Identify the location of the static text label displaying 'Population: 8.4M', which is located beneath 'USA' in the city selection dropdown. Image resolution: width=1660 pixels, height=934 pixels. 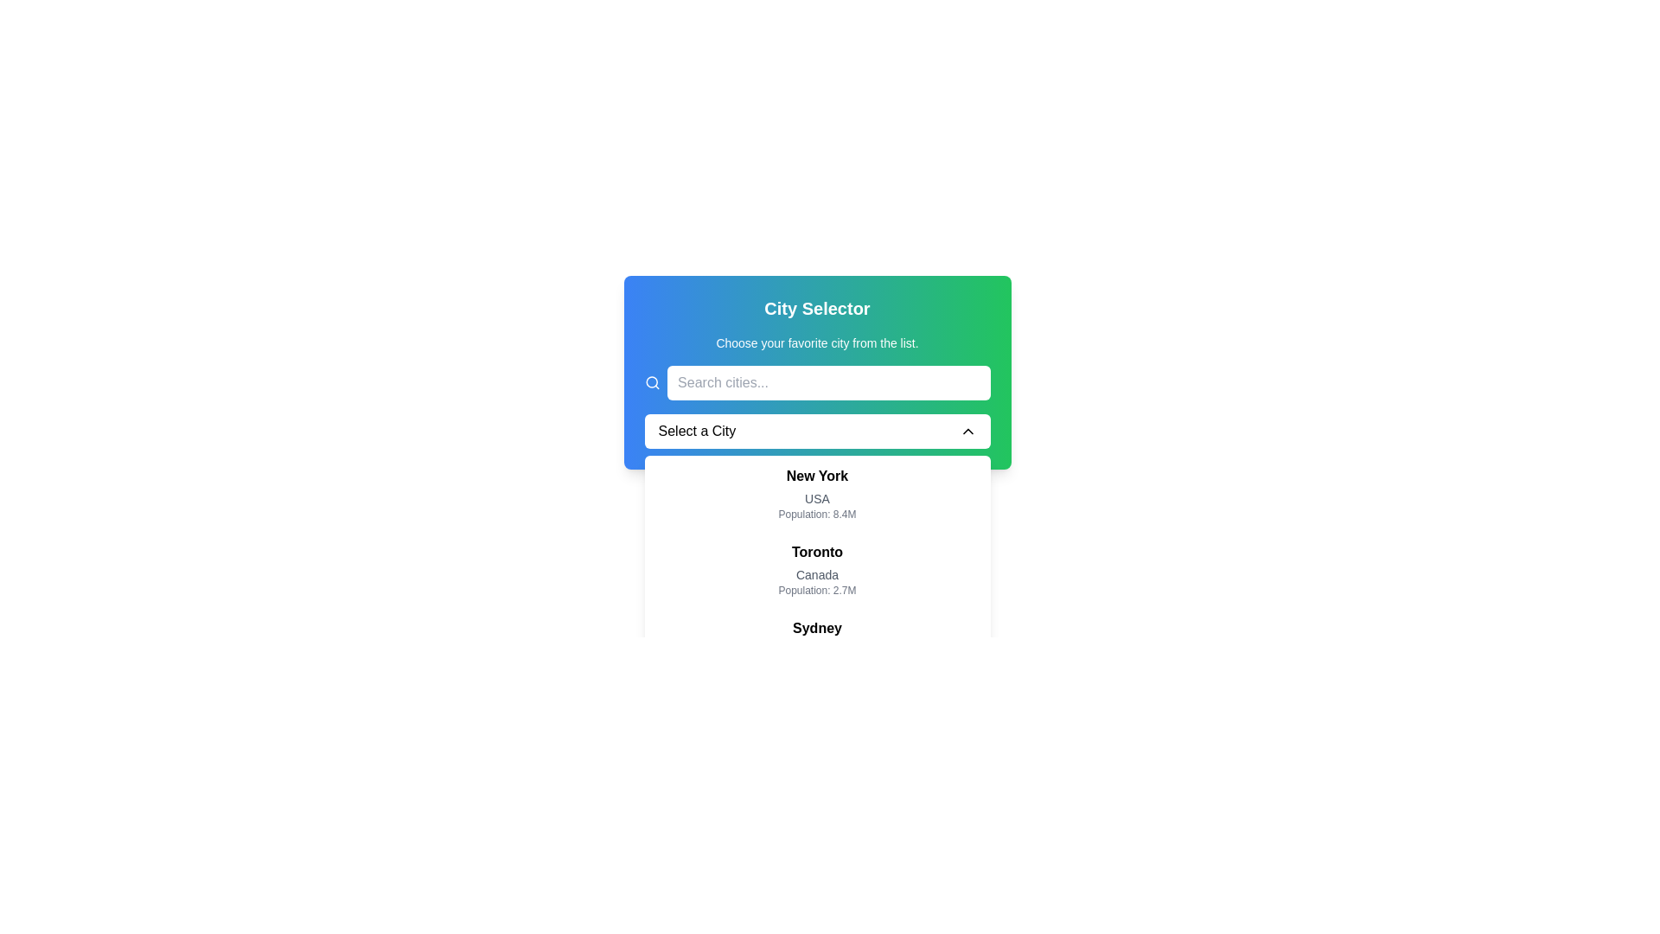
(816, 513).